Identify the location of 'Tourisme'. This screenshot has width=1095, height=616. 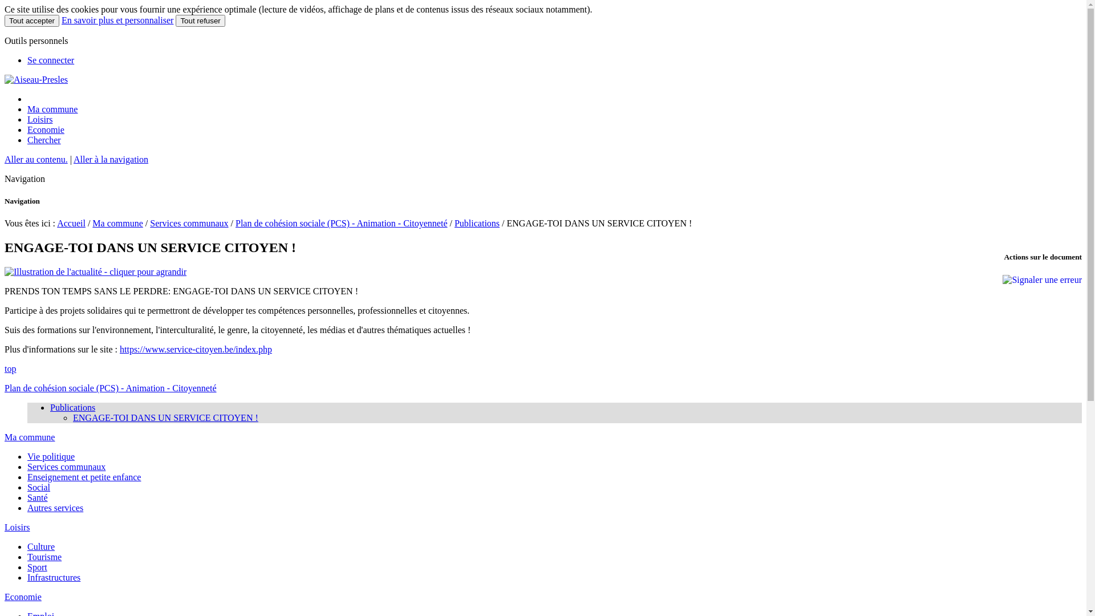
(44, 556).